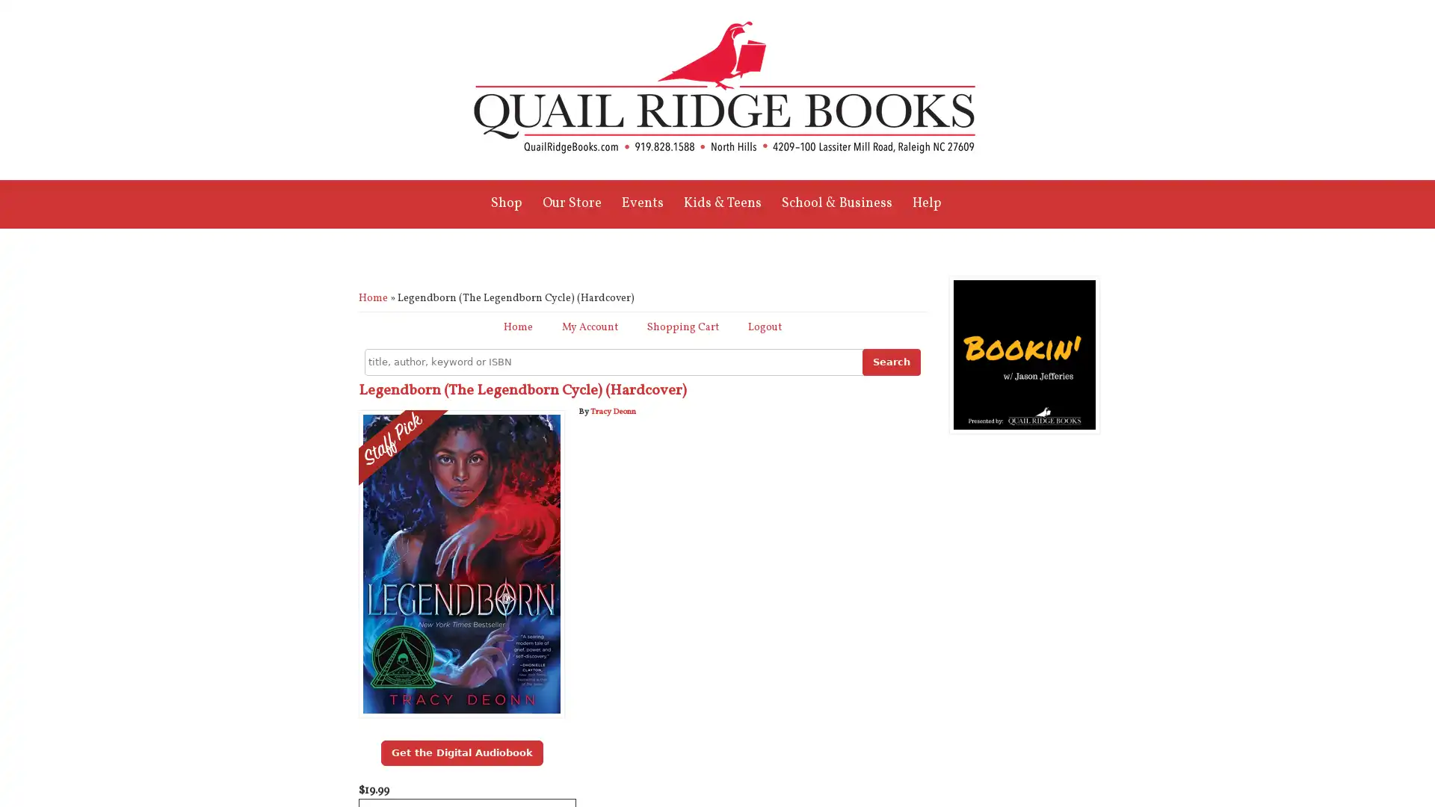  Describe the element at coordinates (892, 361) in the screenshot. I see `Search` at that location.